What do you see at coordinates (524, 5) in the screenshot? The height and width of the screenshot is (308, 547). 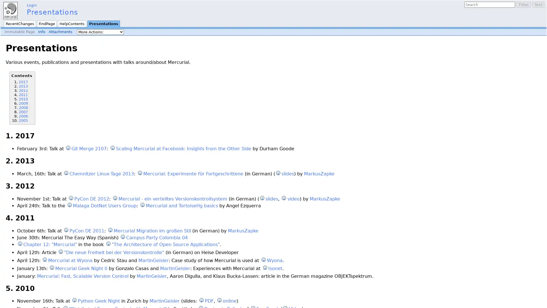 I see `Titles` at bounding box center [524, 5].